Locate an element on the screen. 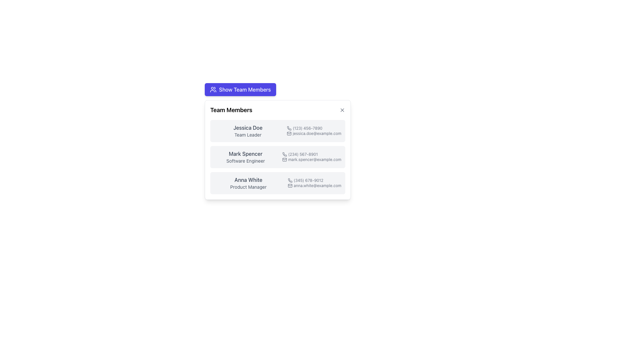 The height and width of the screenshot is (352, 626). the phone number text '(123) 456-7890' located in the first list item under the 'Team Members' section, which is styled in gray and positioned below the name 'Jessica Doe' is located at coordinates (314, 128).